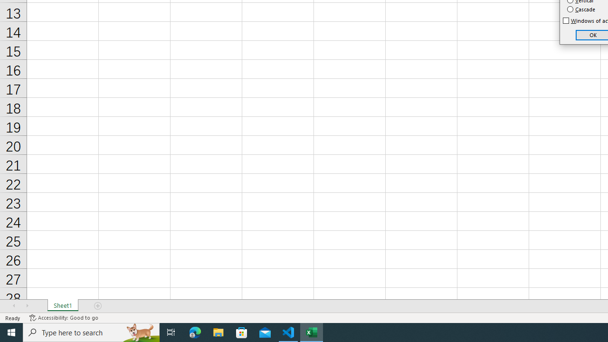 The height and width of the screenshot is (342, 608). I want to click on 'Search highlights icon opens search home window', so click(140, 332).